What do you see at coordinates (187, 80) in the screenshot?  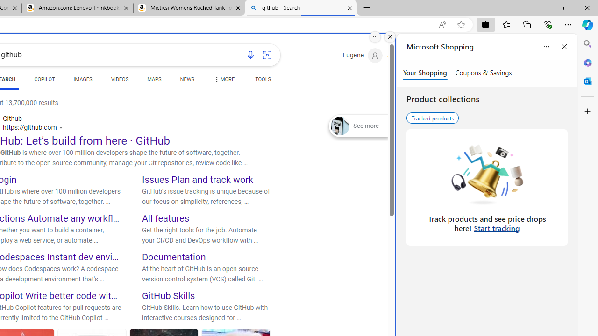 I see `'NEWS'` at bounding box center [187, 80].